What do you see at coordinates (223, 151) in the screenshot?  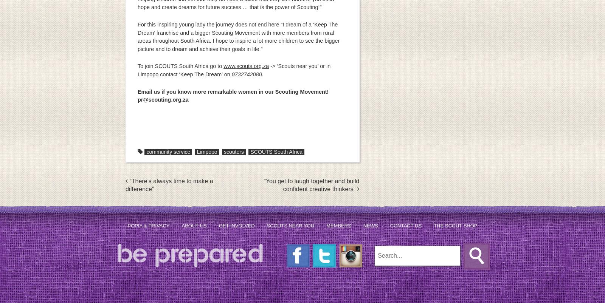 I see `'scouters'` at bounding box center [223, 151].